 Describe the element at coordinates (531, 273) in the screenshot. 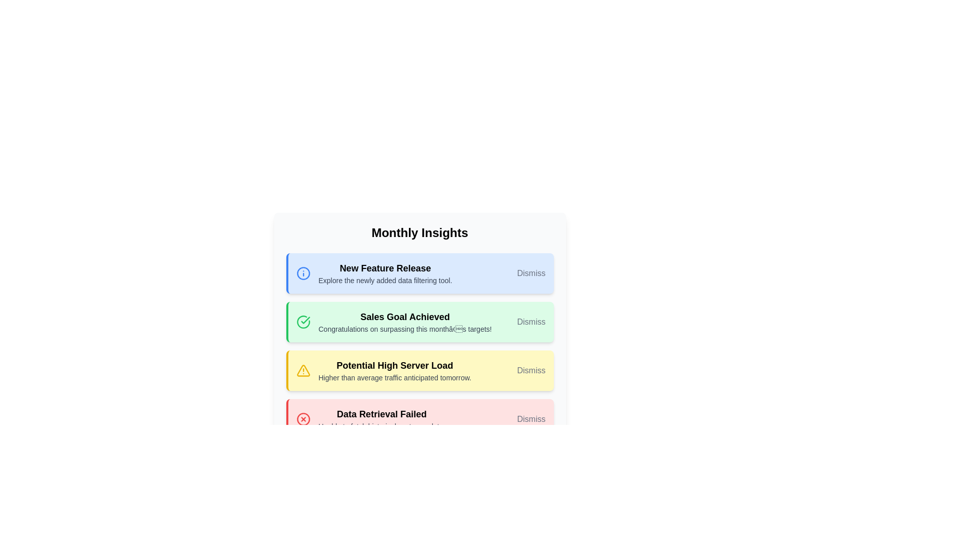

I see `the dismiss button located on the right side of the 'New Feature Release' notification panel` at that location.